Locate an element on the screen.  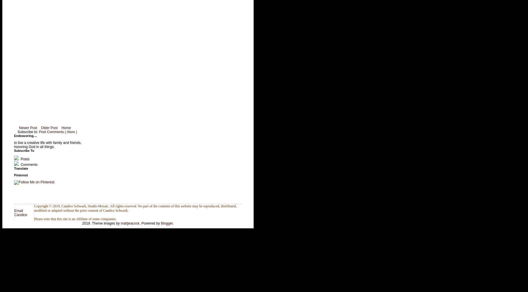
'to live a creative life with family and friends, honoring  God in all things.' is located at coordinates (47, 145).